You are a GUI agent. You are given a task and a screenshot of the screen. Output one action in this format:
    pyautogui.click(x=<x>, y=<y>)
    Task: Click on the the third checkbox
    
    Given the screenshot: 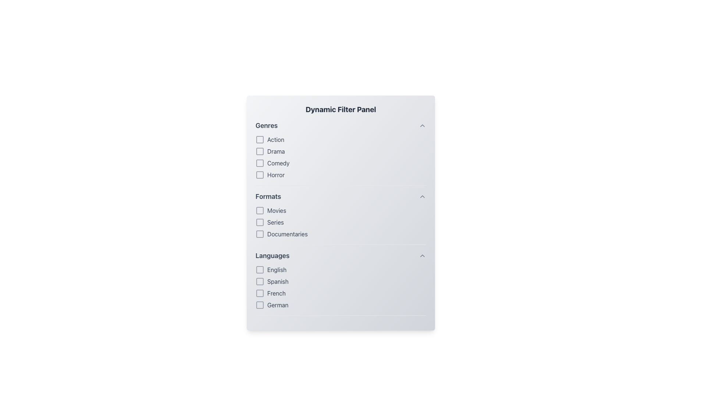 What is the action you would take?
    pyautogui.click(x=260, y=293)
    